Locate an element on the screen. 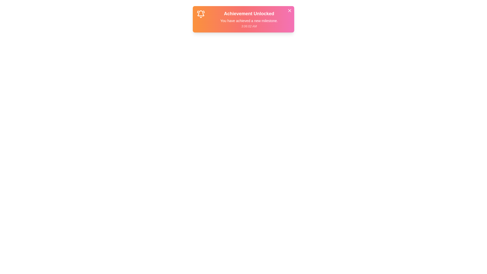  the text content of the notification: Message is located at coordinates (249, 20).